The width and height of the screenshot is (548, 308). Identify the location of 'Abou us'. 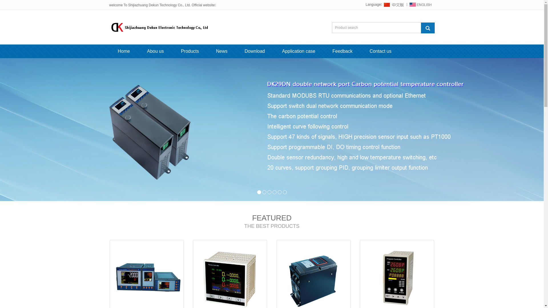
(155, 51).